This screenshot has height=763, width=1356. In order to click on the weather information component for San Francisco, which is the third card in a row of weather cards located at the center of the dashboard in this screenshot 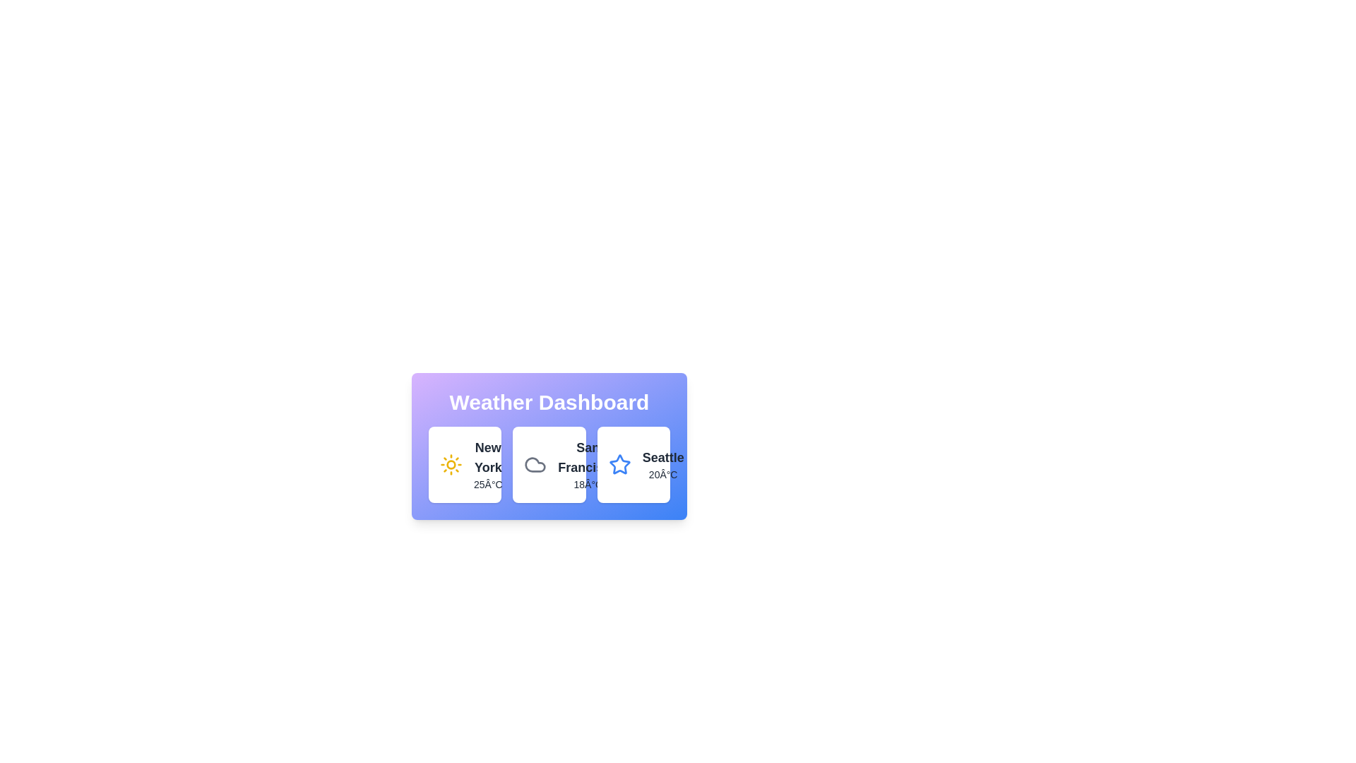, I will do `click(588, 465)`.